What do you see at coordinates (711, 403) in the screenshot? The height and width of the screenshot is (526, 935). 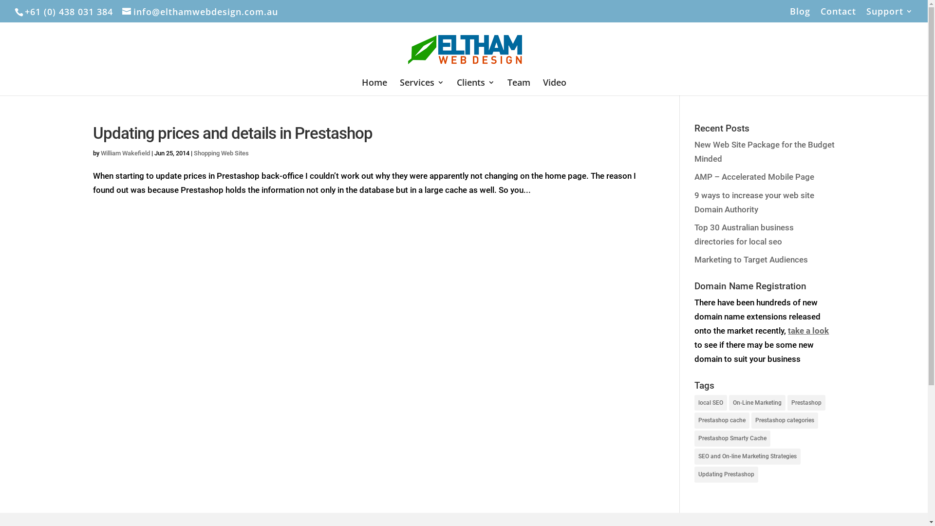 I see `'local SEO'` at bounding box center [711, 403].